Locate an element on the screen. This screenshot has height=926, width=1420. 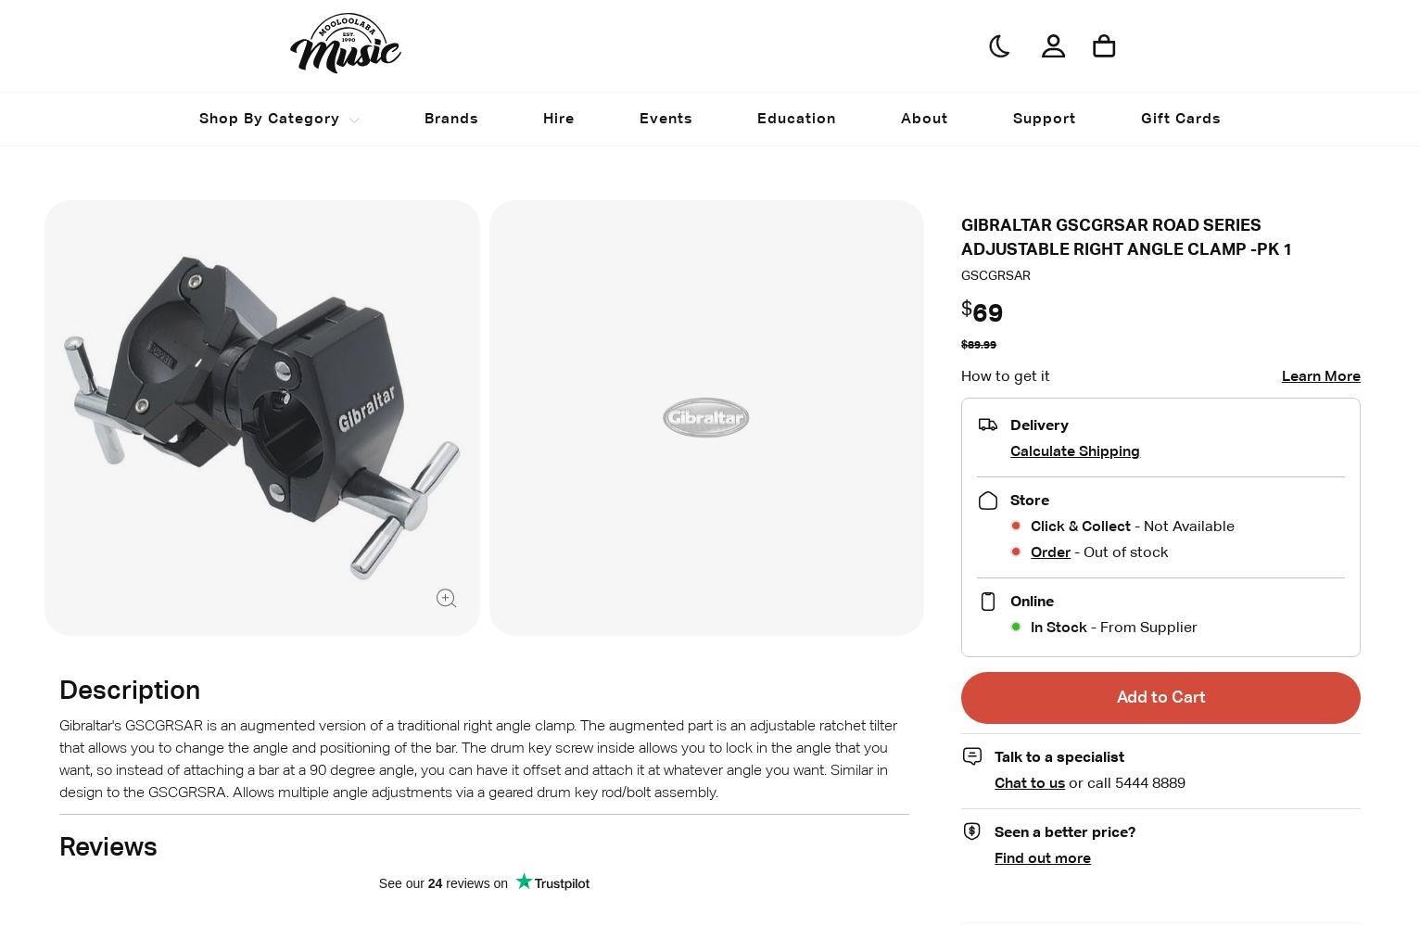
'- Not Available' is located at coordinates (1182, 526).